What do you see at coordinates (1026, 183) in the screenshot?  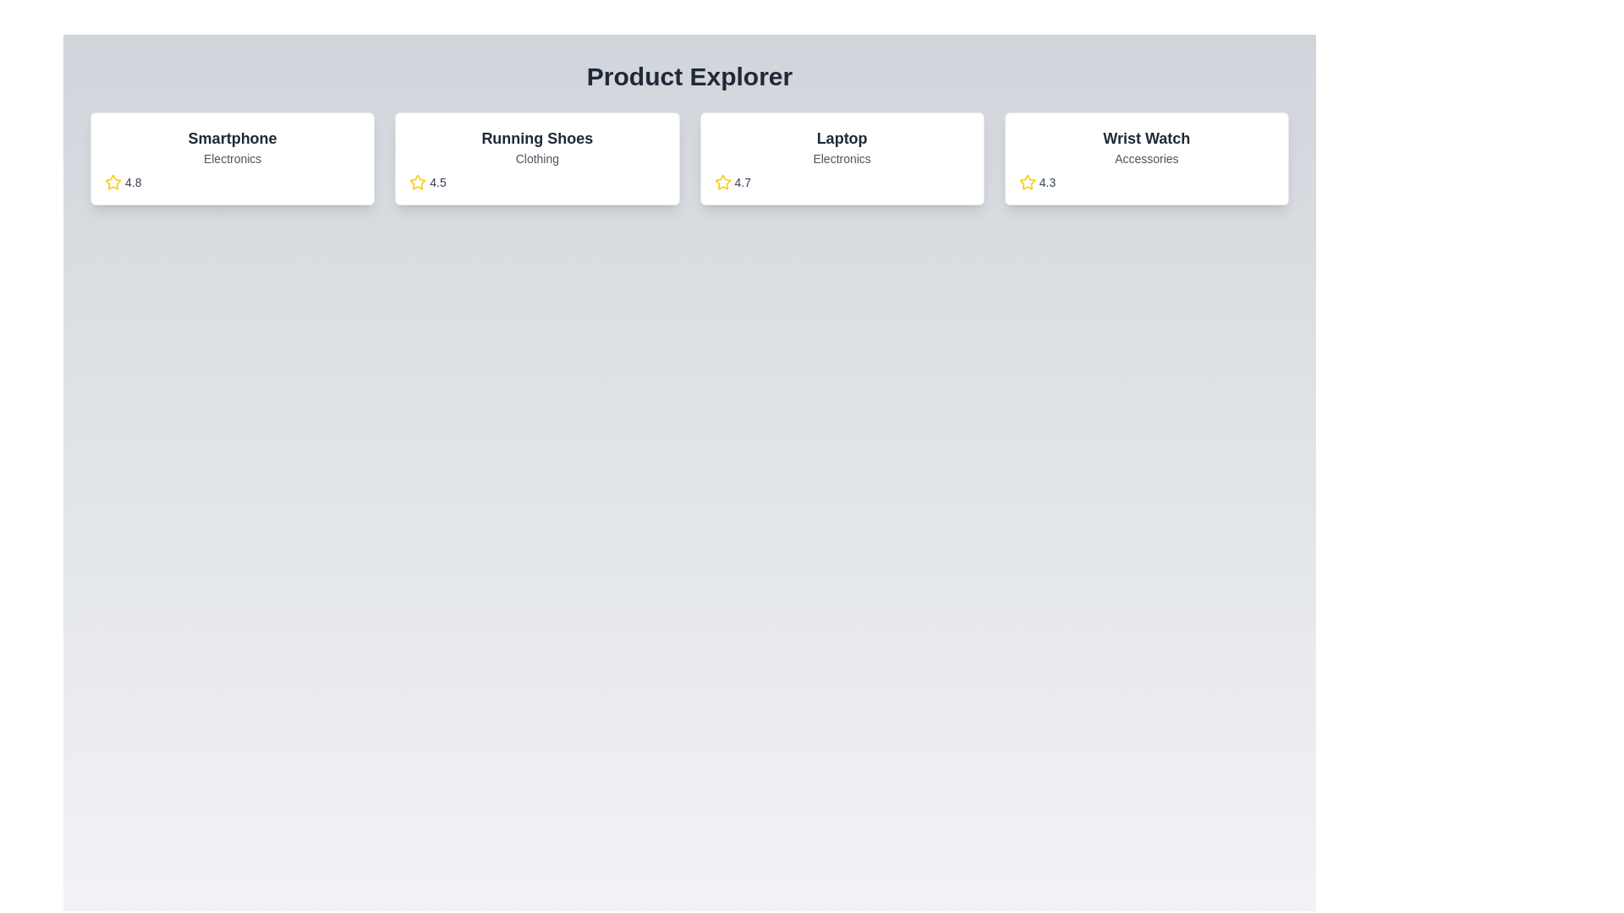 I see `the star rating icon representing the rating score with the accompanying text '4.3' located in the fourth card of the product grid for 'Wrist Watch'` at bounding box center [1026, 183].